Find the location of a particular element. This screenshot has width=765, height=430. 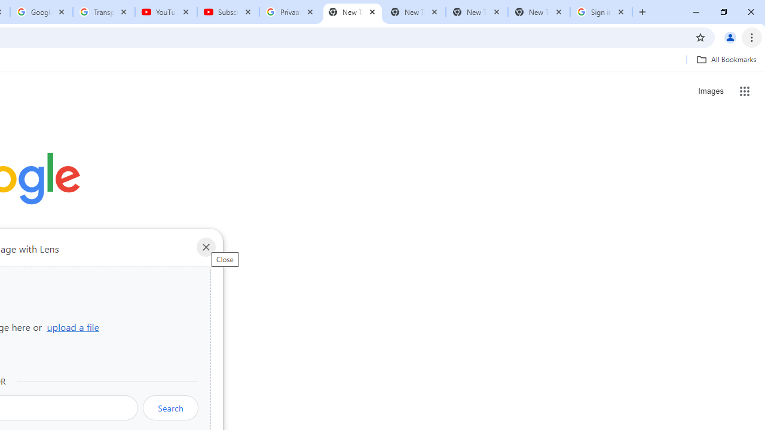

'Subscriptions - YouTube' is located at coordinates (228, 12).